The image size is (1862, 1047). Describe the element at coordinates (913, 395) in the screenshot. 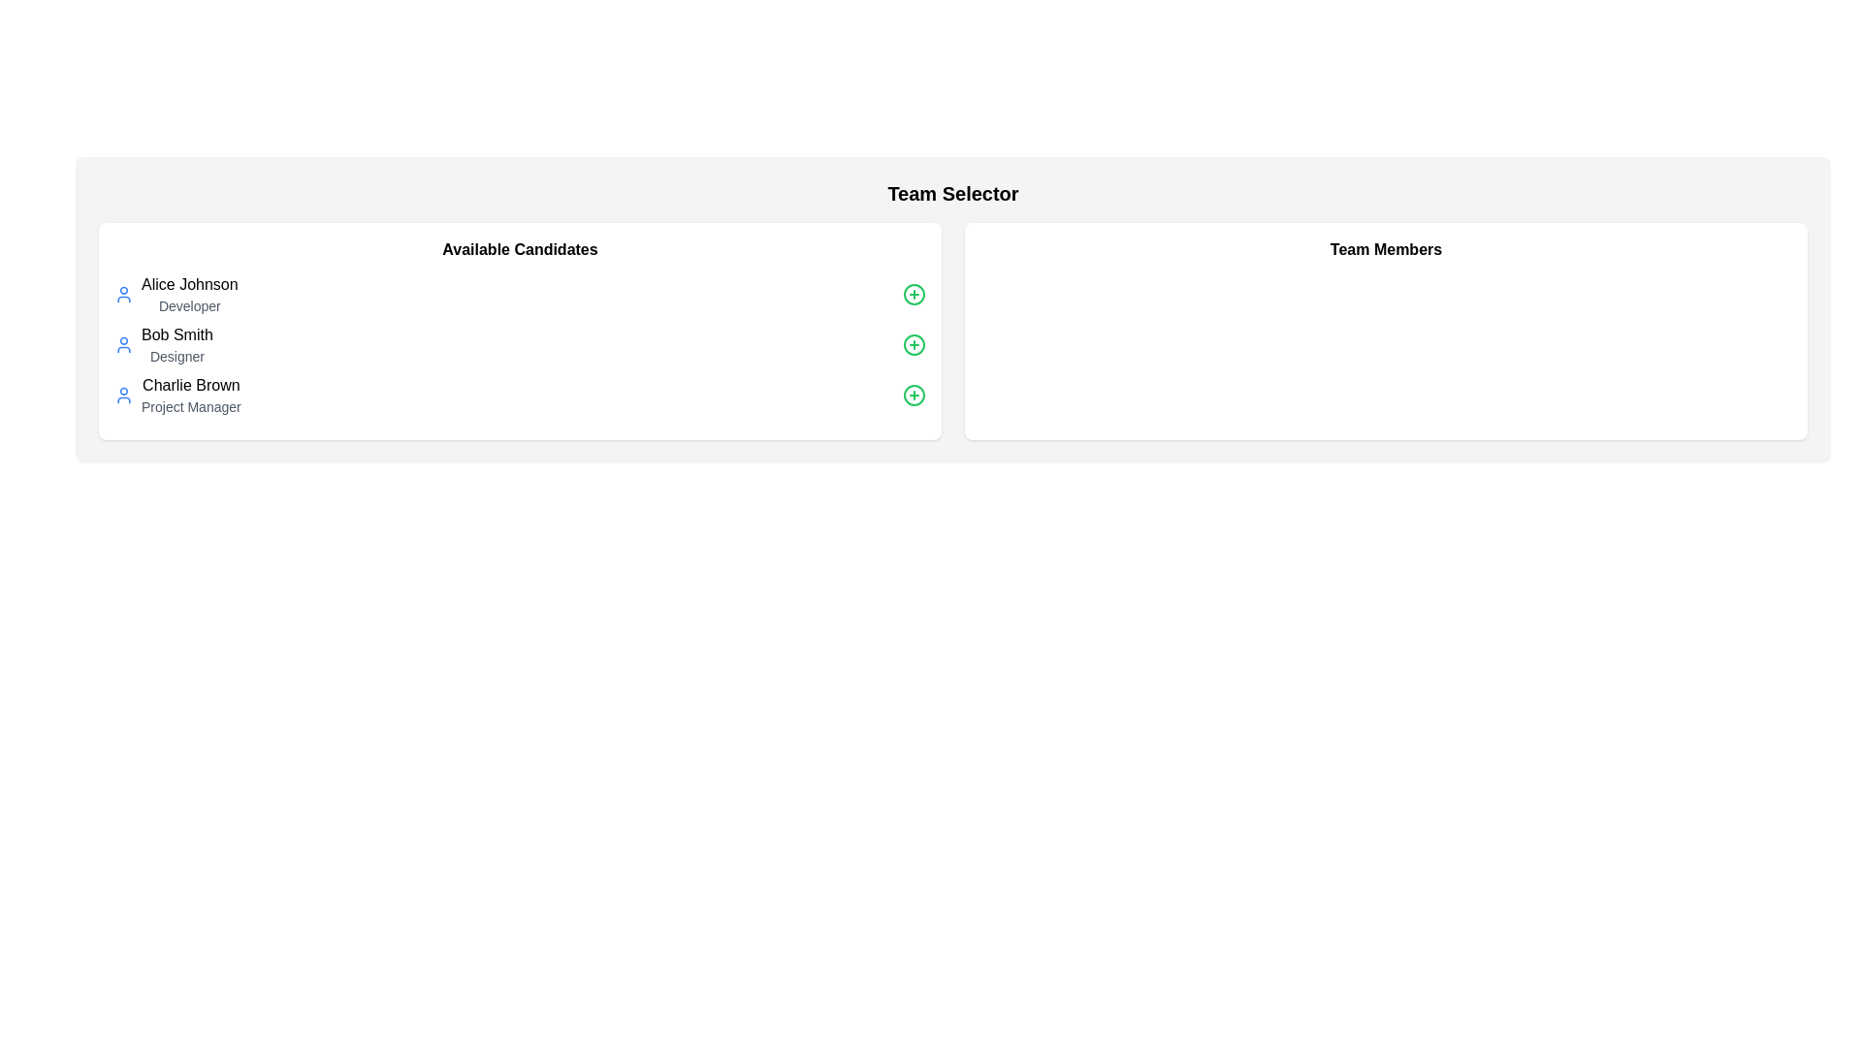

I see `the button located to the right of the 'Charlie Brown Project Manager' entry in the list of candidates` at that location.